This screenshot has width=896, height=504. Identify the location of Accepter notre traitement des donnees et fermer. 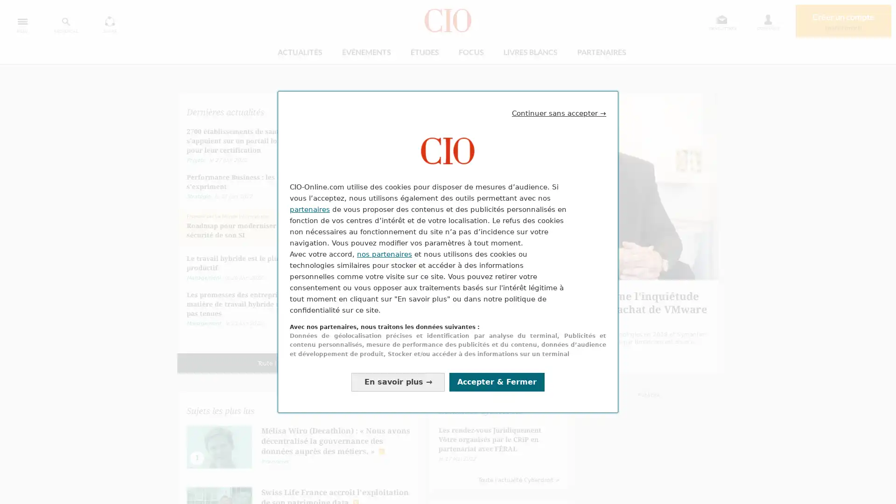
(497, 382).